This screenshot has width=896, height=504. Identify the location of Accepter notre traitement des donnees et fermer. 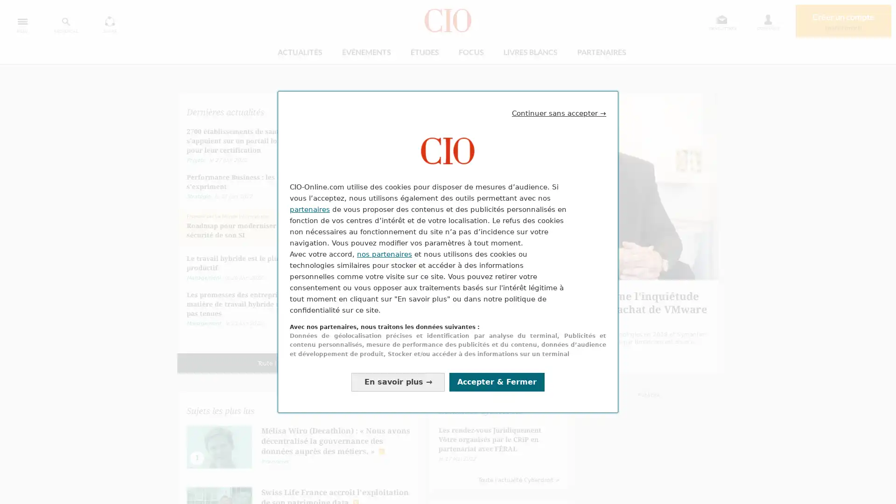
(497, 382).